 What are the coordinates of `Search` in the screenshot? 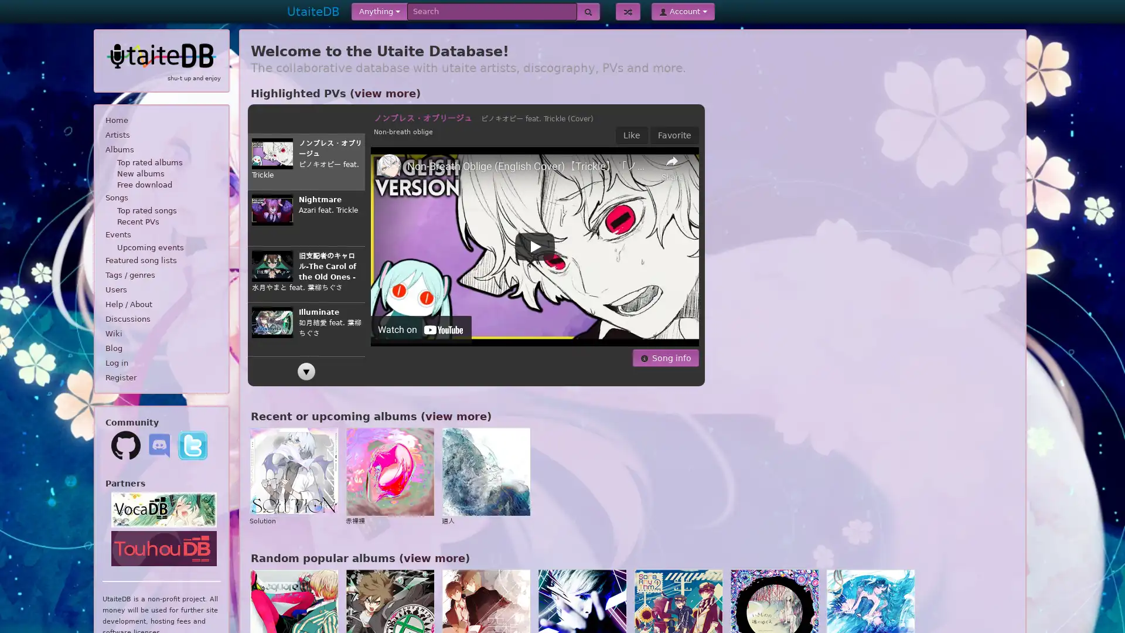 It's located at (588, 11).